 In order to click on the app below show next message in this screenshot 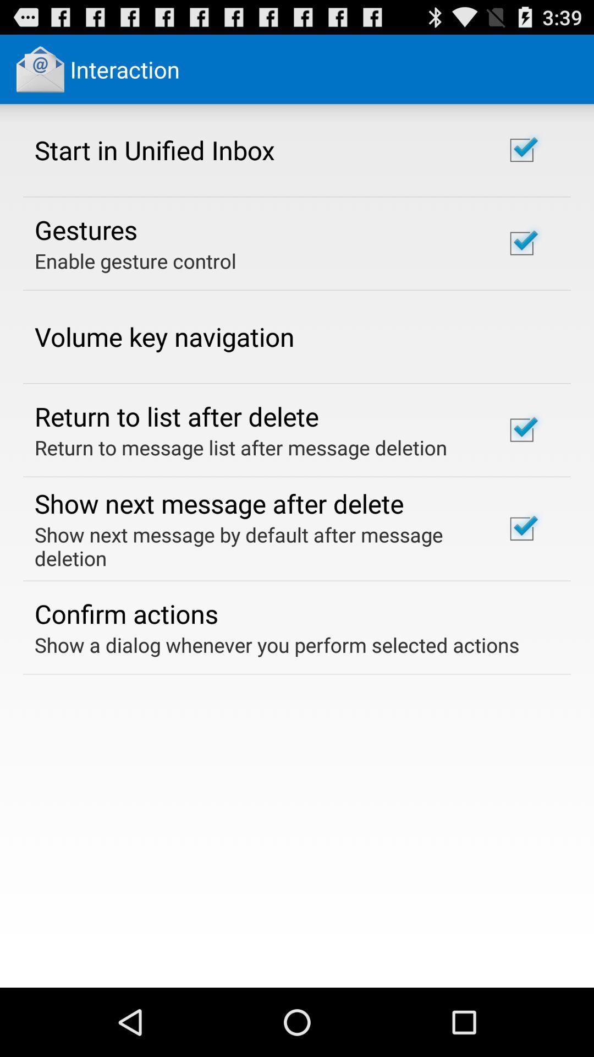, I will do `click(125, 613)`.